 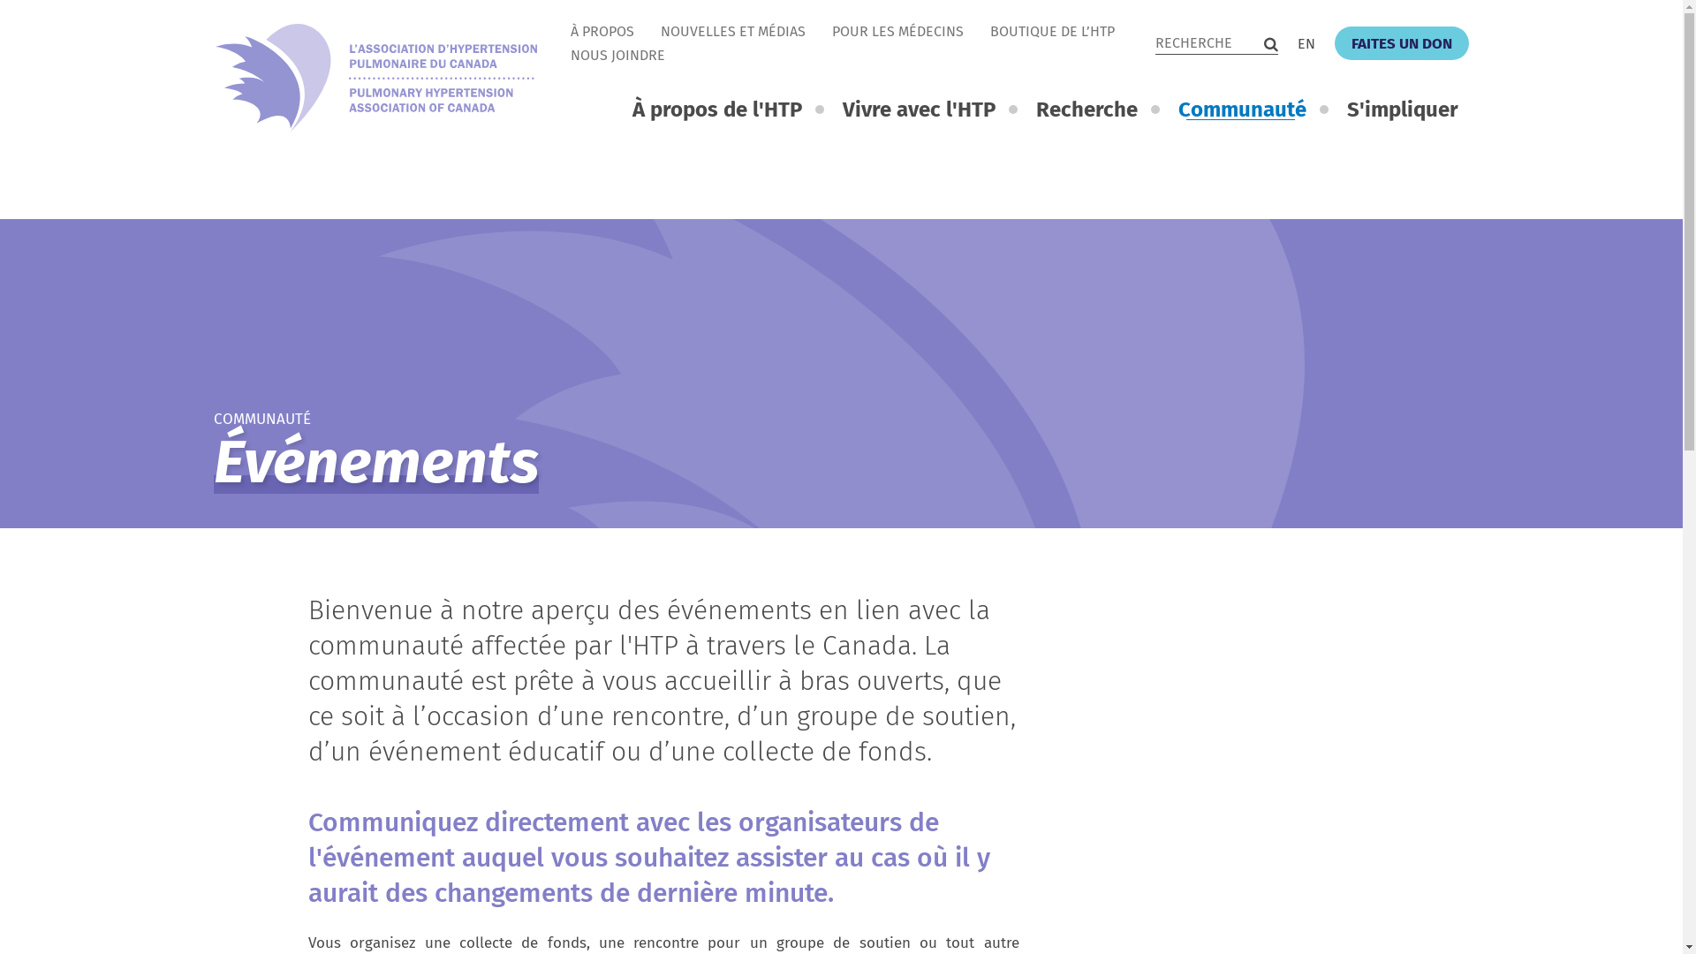 I want to click on 'NOUS JOINDRE', so click(x=556, y=54).